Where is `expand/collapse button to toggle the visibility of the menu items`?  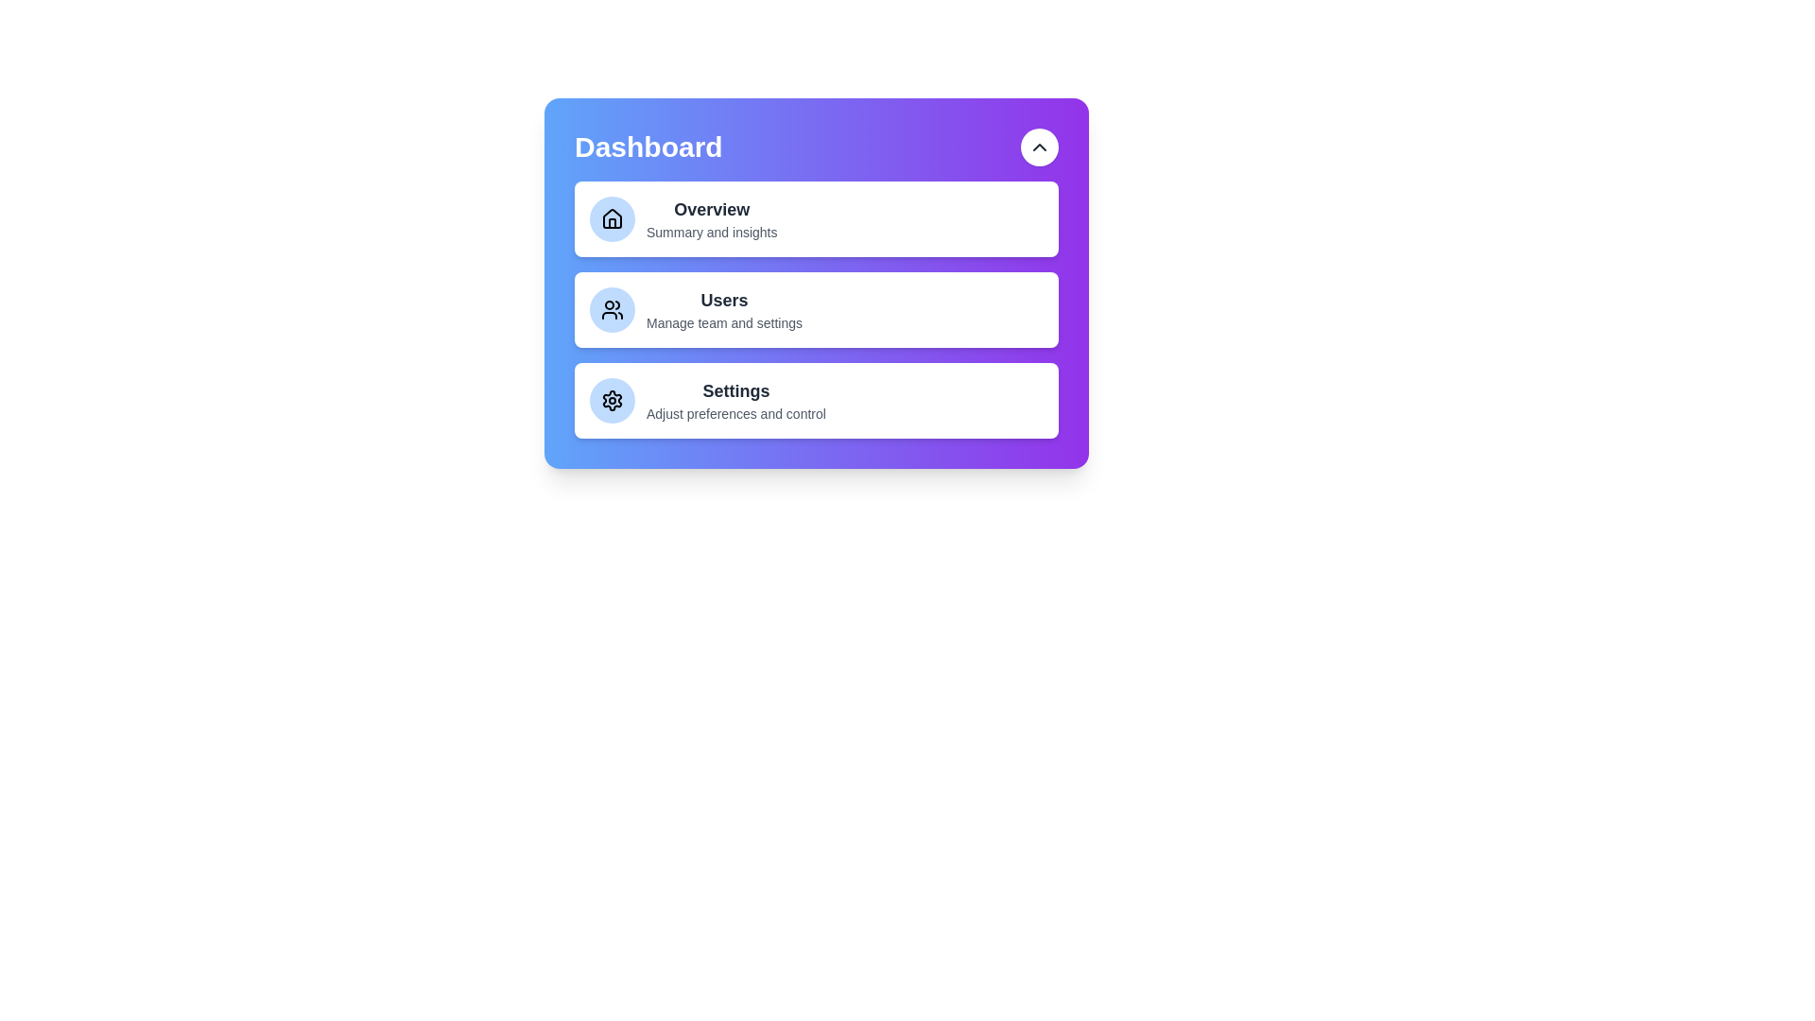 expand/collapse button to toggle the visibility of the menu items is located at coordinates (1038, 146).